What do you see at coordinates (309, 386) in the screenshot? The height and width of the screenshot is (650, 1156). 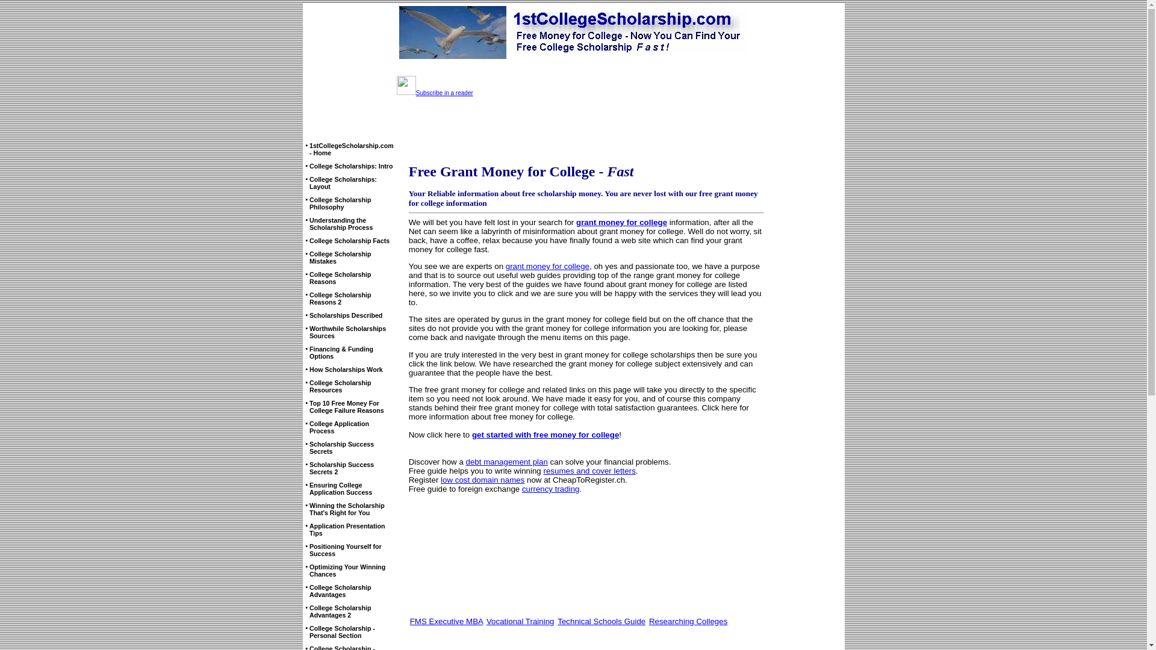 I see `'College Scholarship Resources'` at bounding box center [309, 386].